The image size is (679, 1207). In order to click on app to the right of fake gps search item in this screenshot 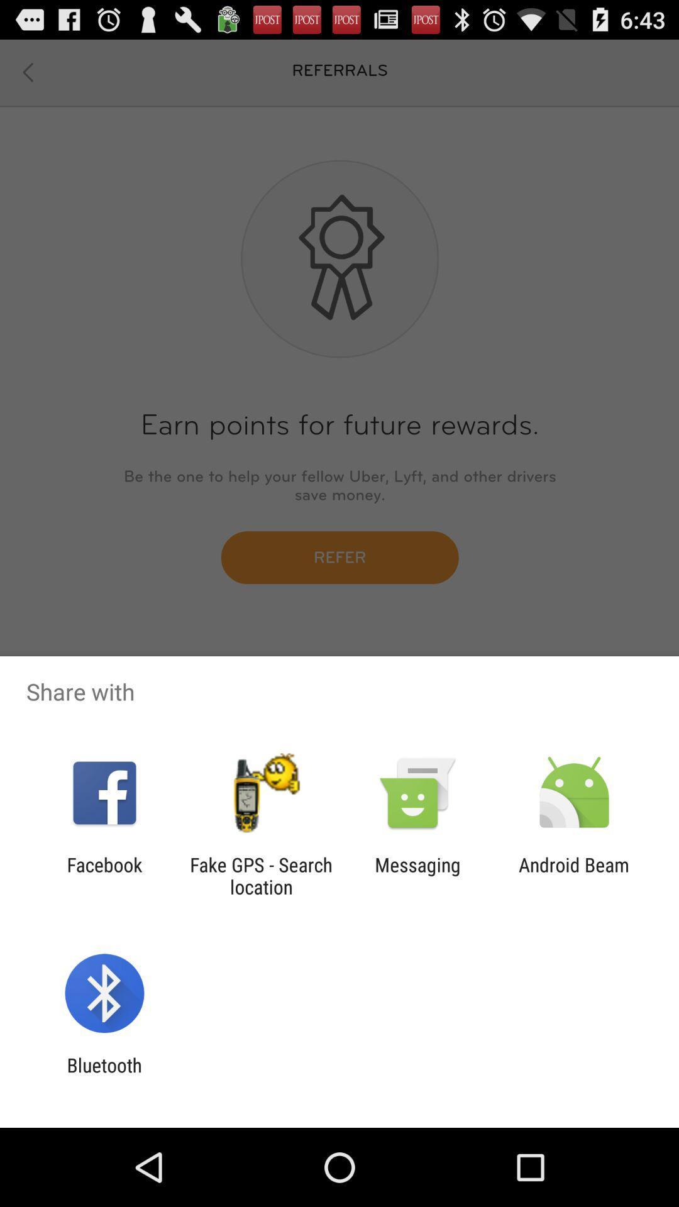, I will do `click(417, 875)`.